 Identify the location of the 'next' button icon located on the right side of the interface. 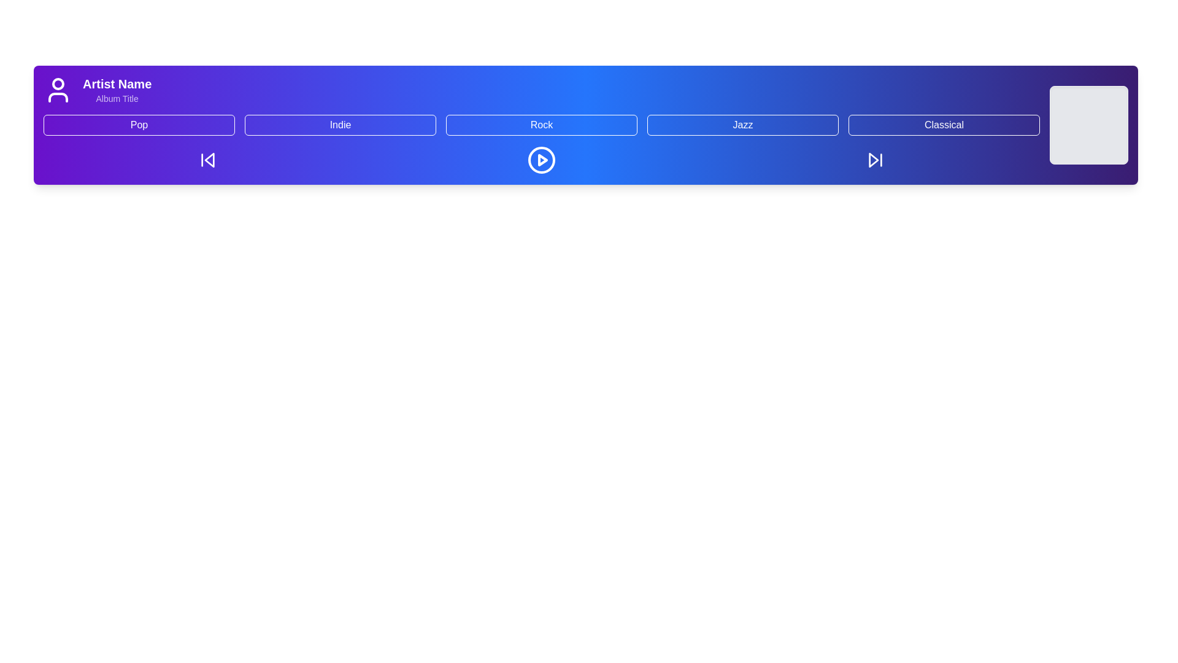
(873, 160).